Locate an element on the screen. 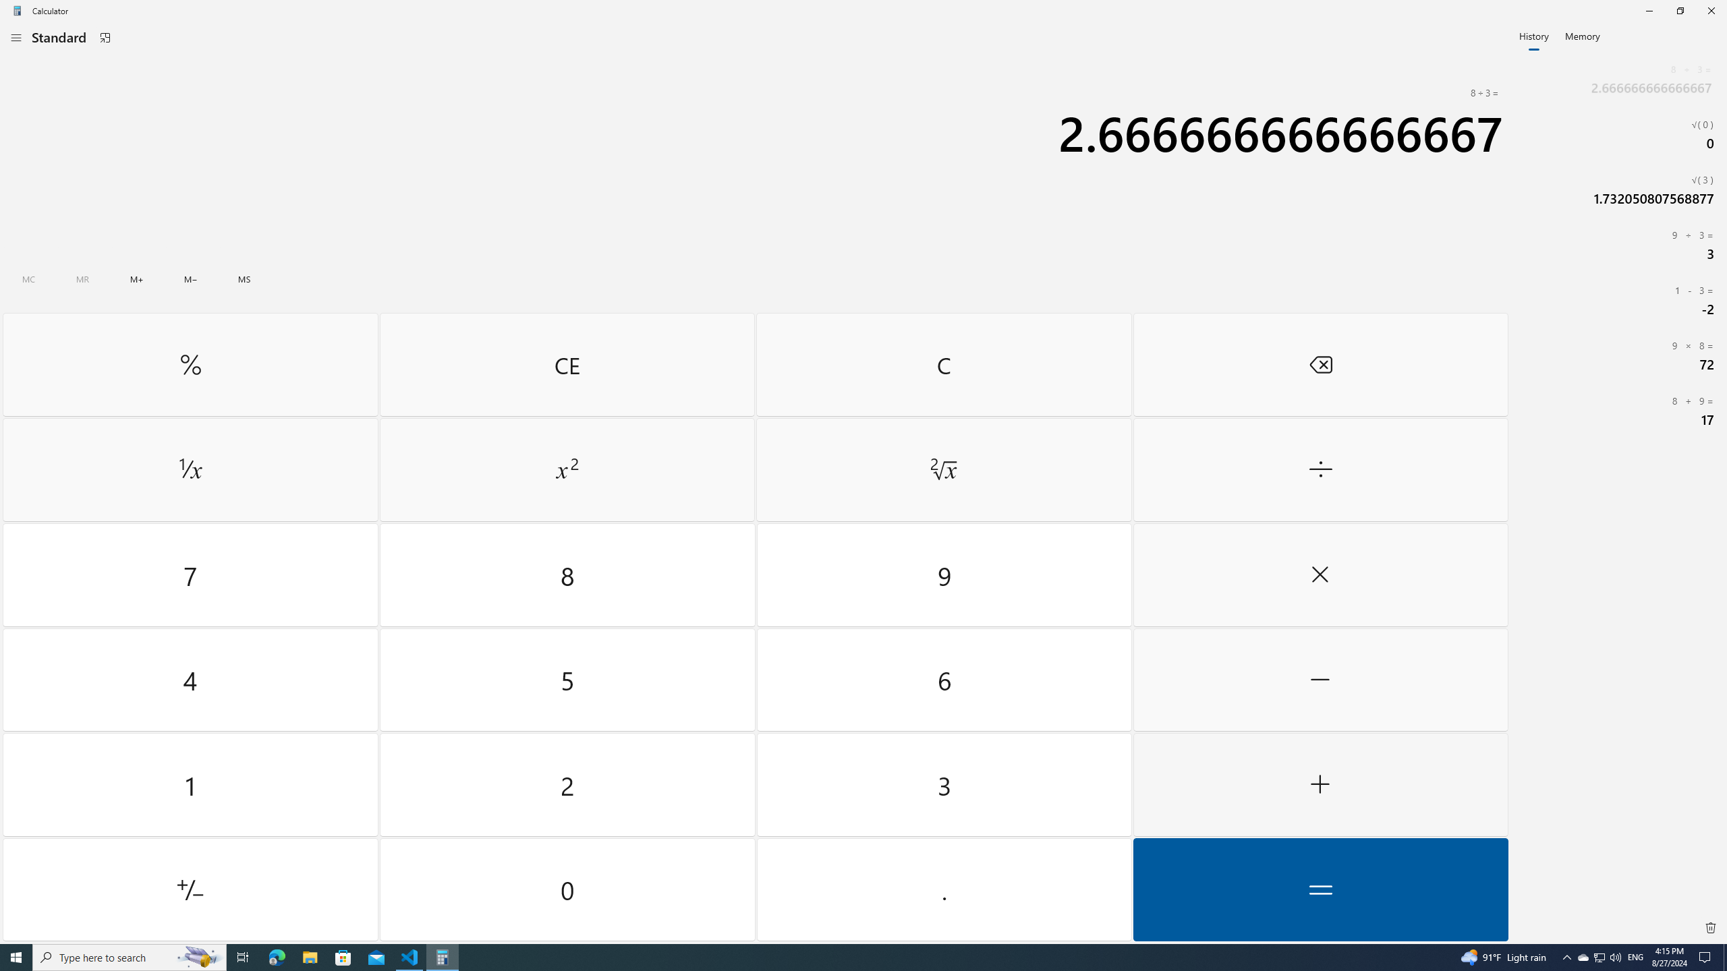  'Nine' is located at coordinates (943, 575).